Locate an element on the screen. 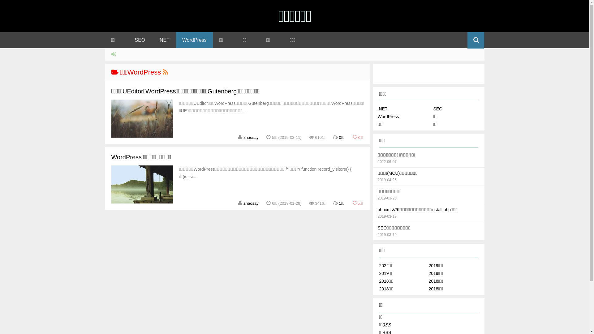 The height and width of the screenshot is (334, 594). '.NET' is located at coordinates (382, 108).